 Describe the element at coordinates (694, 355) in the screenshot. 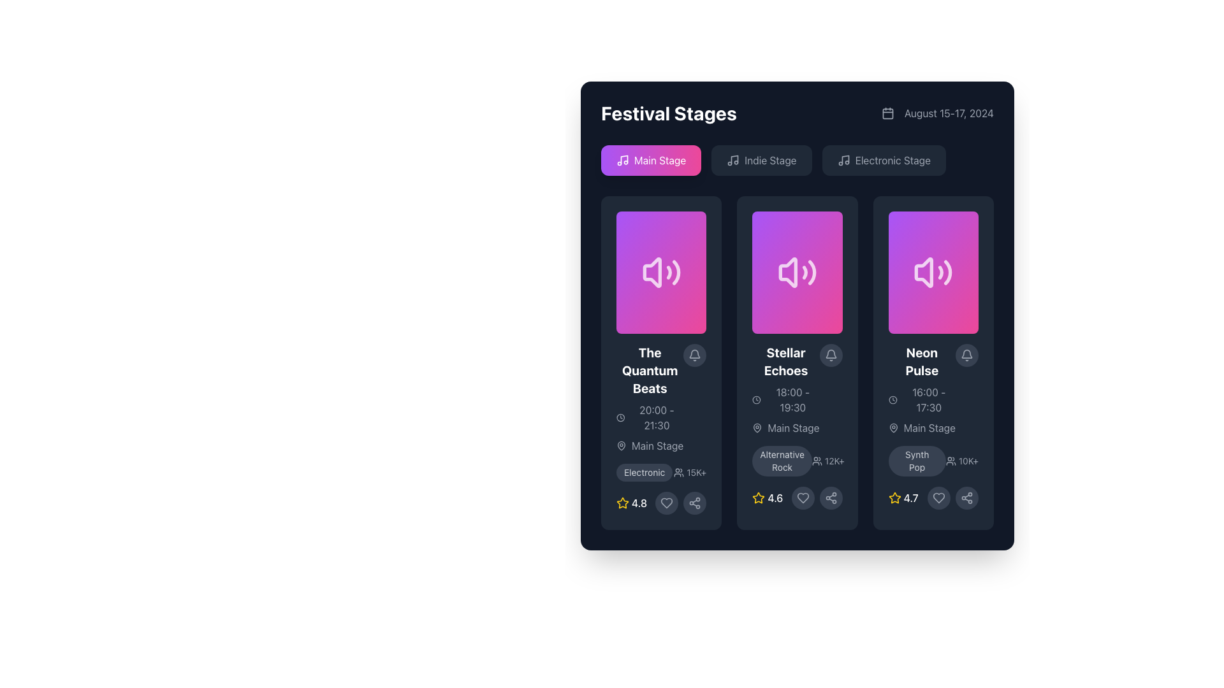

I see `the circular button with a bell icon in the top right corner of the 'The Quantum Beats' card` at that location.